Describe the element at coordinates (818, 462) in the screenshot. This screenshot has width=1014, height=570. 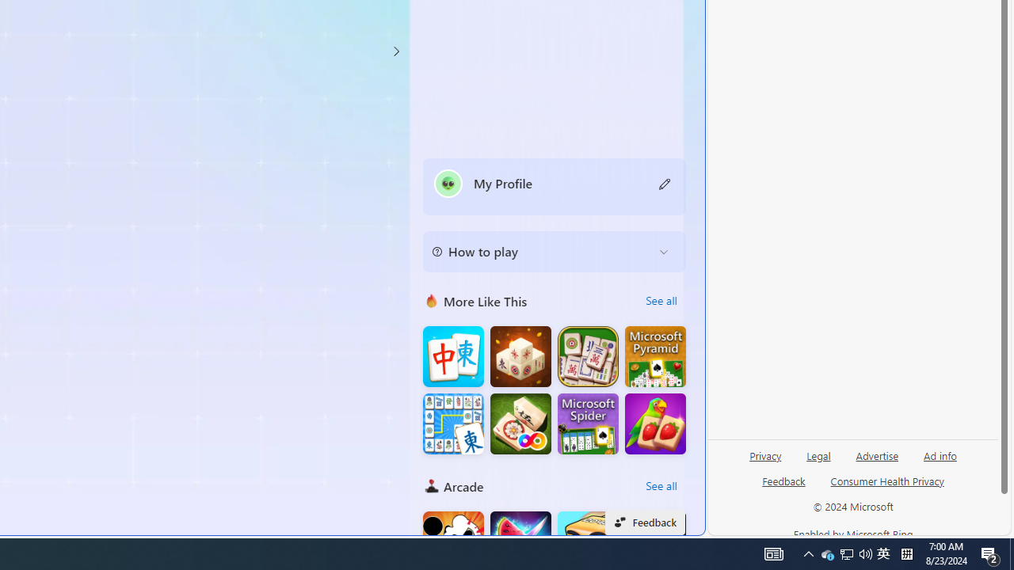
I see `'Legal'` at that location.